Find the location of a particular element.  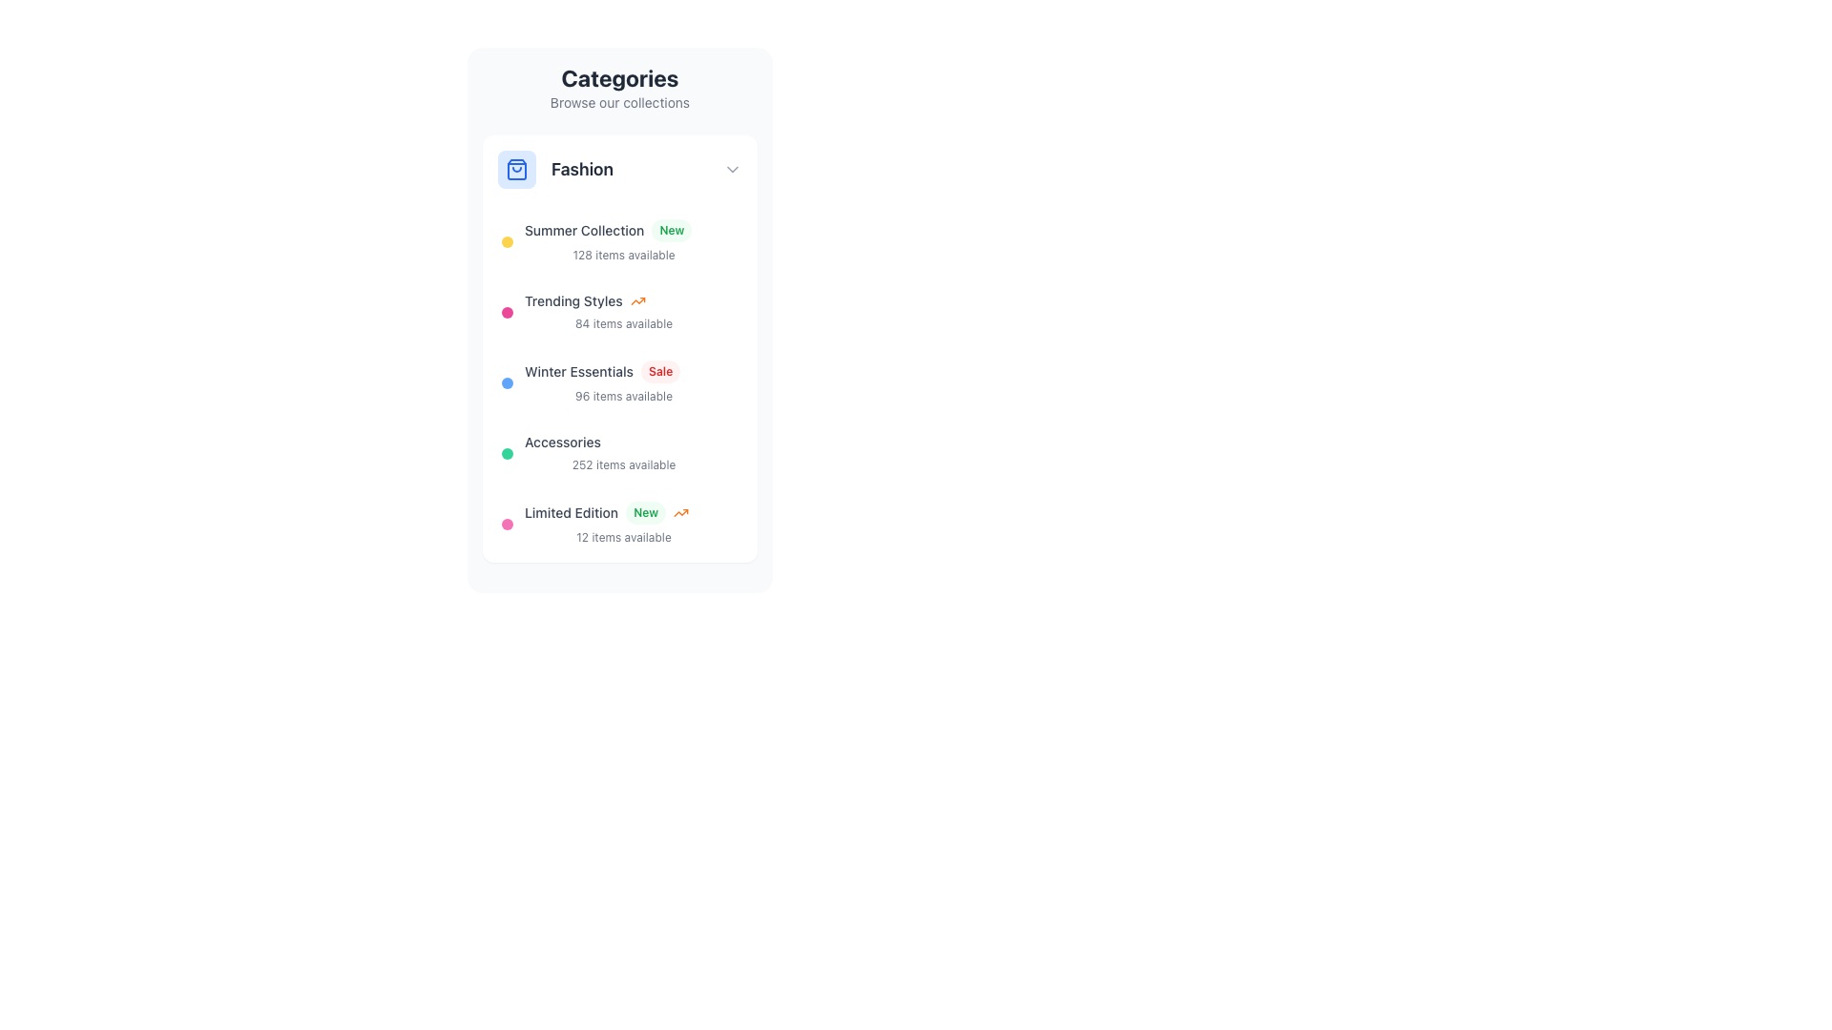

the 'Accessories' category label, which is the fourth element in the vertical list of categories in the fashion section, located between 'Winter Essentials' and 'Limited Edition' is located at coordinates (562, 442).